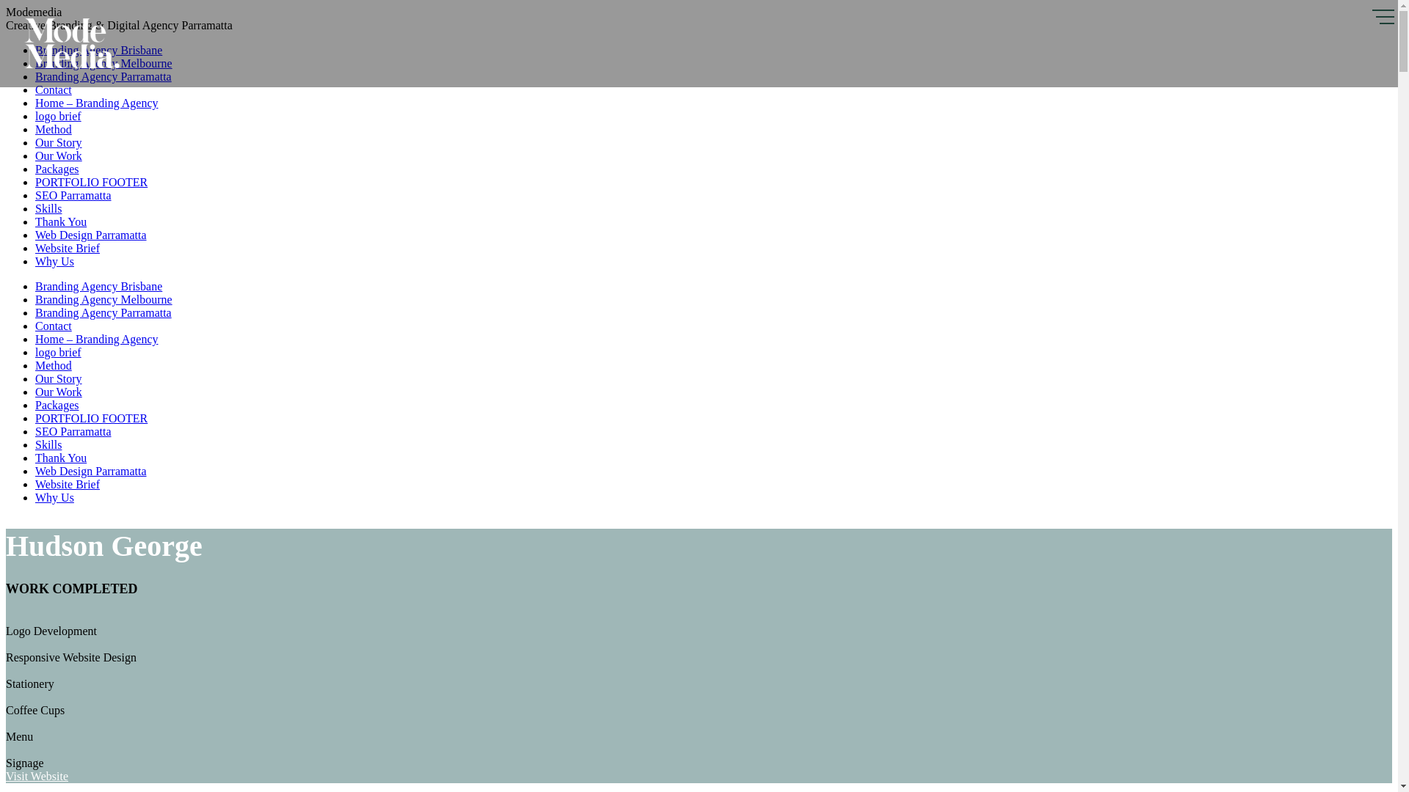  Describe the element at coordinates (90, 418) in the screenshot. I see `'PORTFOLIO FOOTER'` at that location.